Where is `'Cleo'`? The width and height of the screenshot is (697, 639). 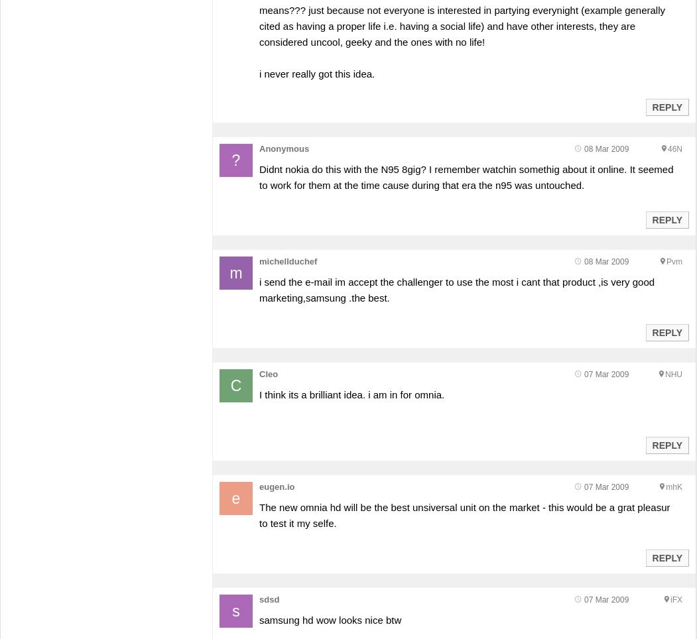
'Cleo' is located at coordinates (267, 373).